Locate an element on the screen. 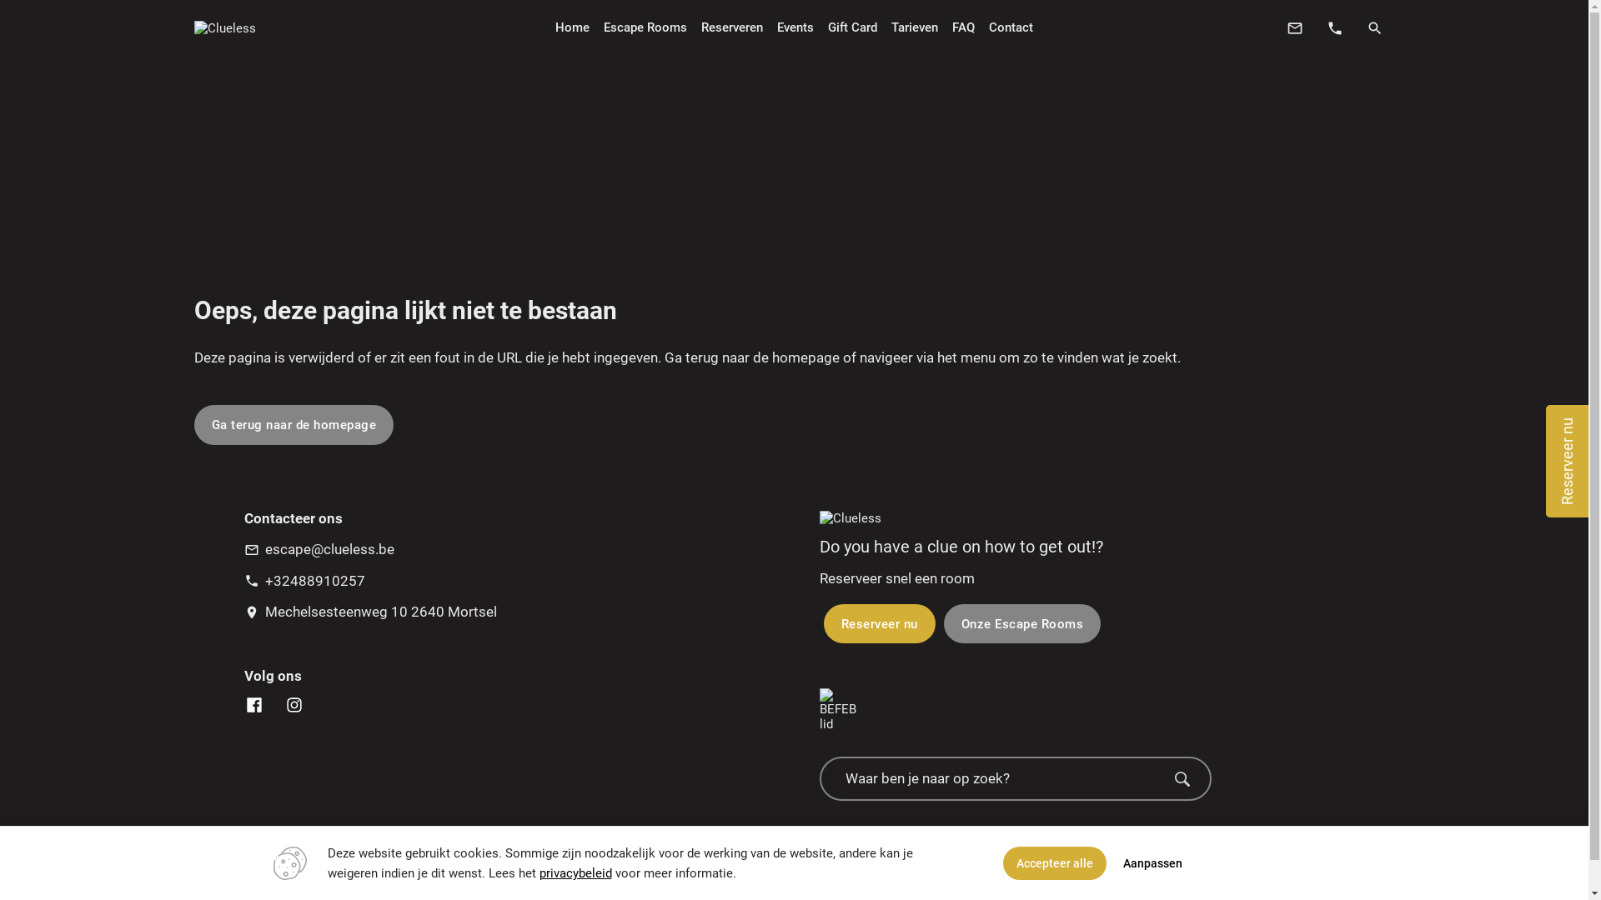  'Ga terug naar de homepage' is located at coordinates (293, 423).